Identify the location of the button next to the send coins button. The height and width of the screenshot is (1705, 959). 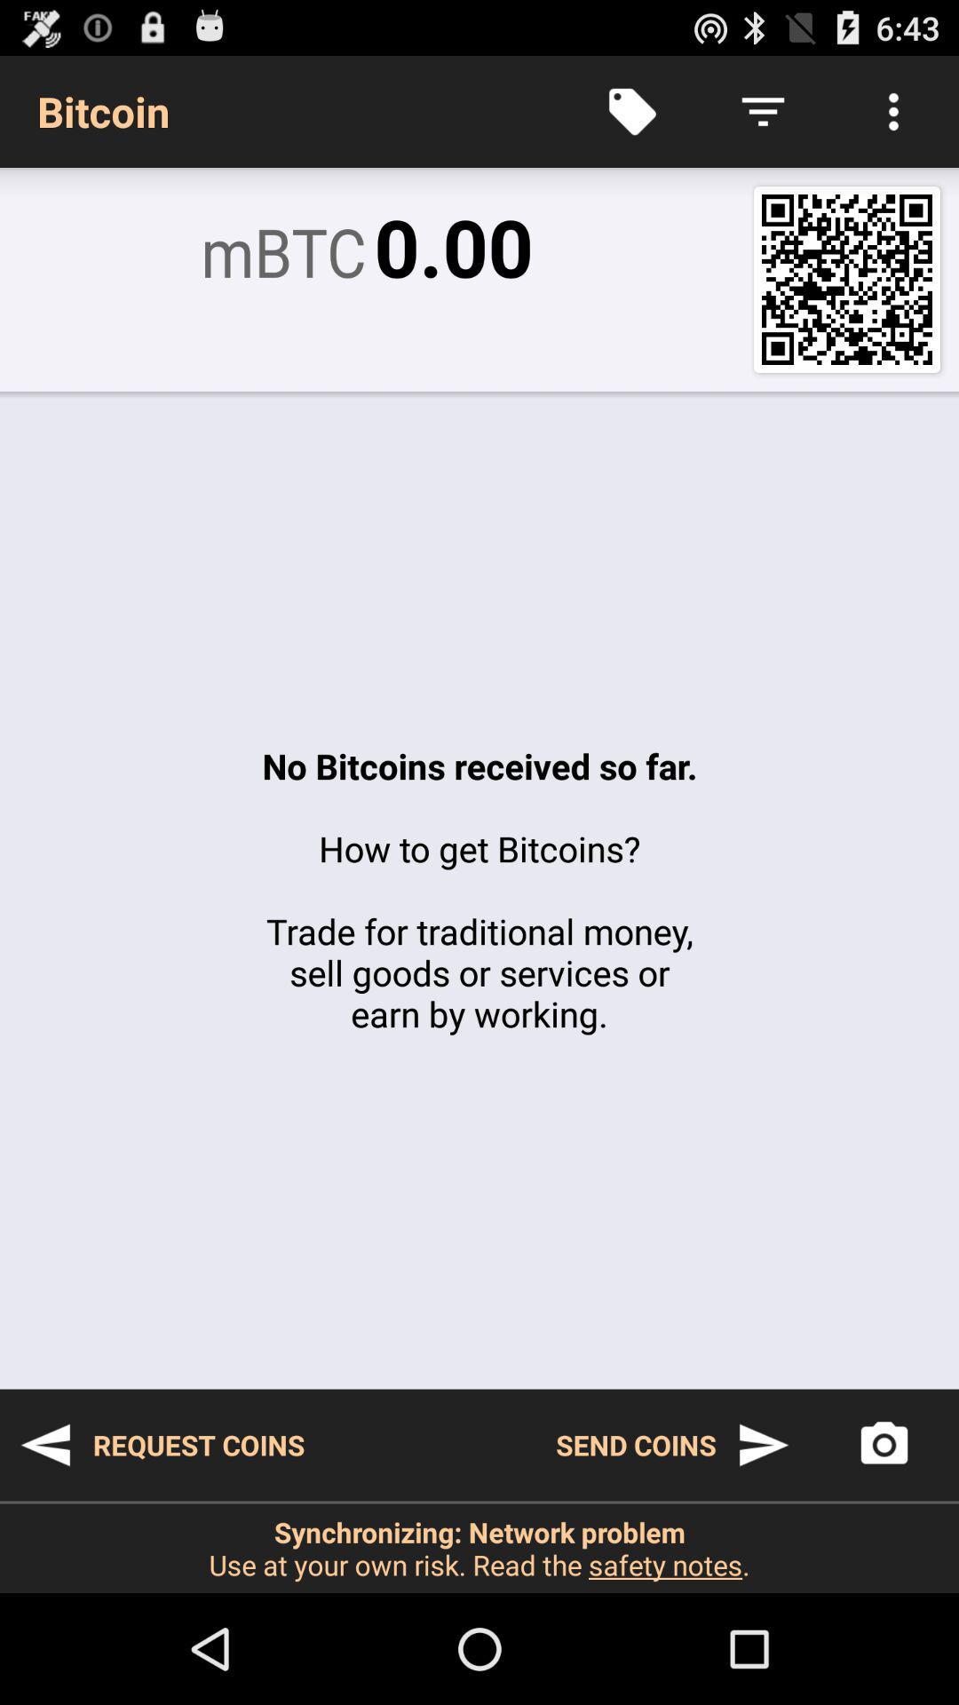
(884, 1445).